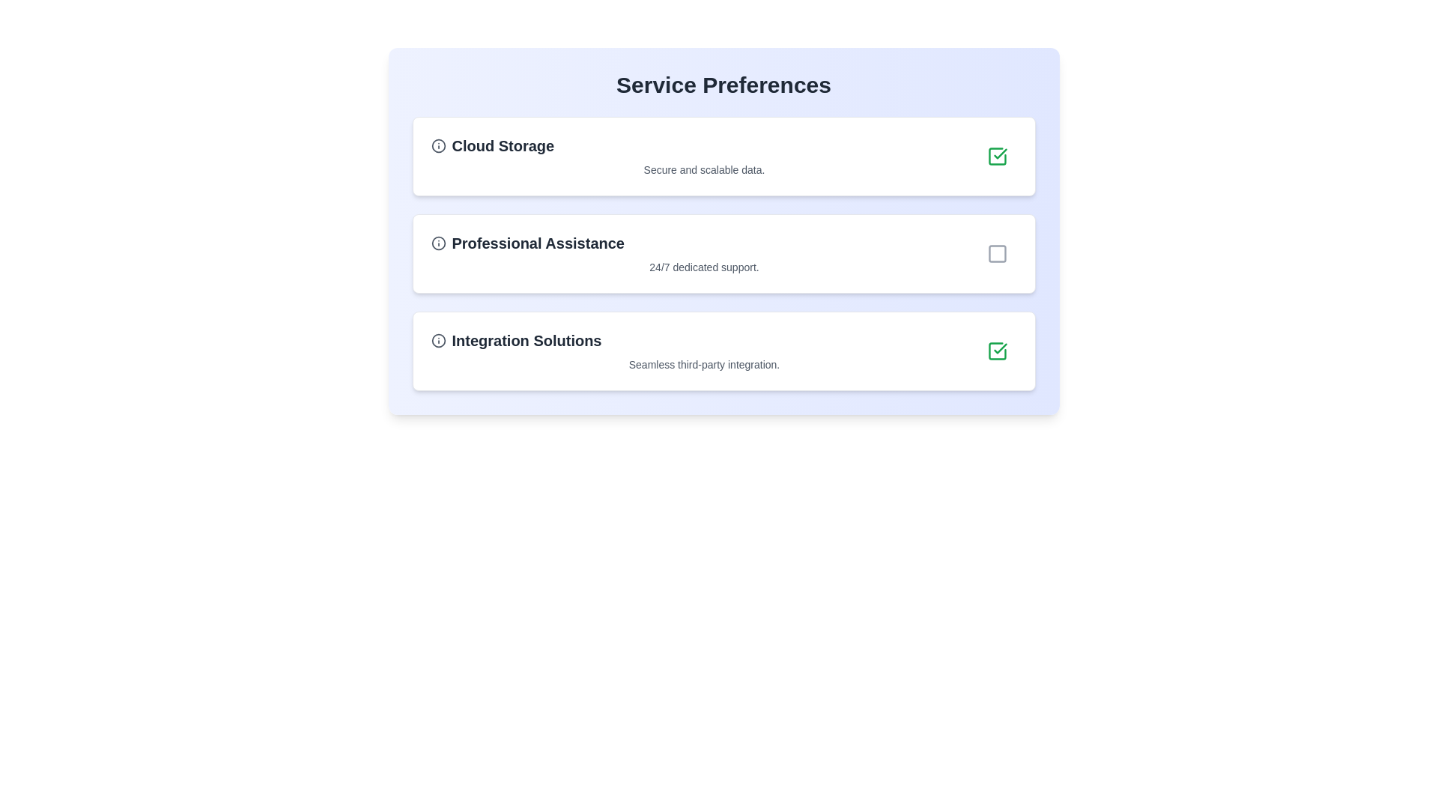 Image resolution: width=1438 pixels, height=809 pixels. What do you see at coordinates (703, 267) in the screenshot?
I see `the text label reading '24/7 dedicated support.' which is styled in a smaller gray font and is located below the heading 'Professional Assistance' in the 'Service Preferences' section` at bounding box center [703, 267].